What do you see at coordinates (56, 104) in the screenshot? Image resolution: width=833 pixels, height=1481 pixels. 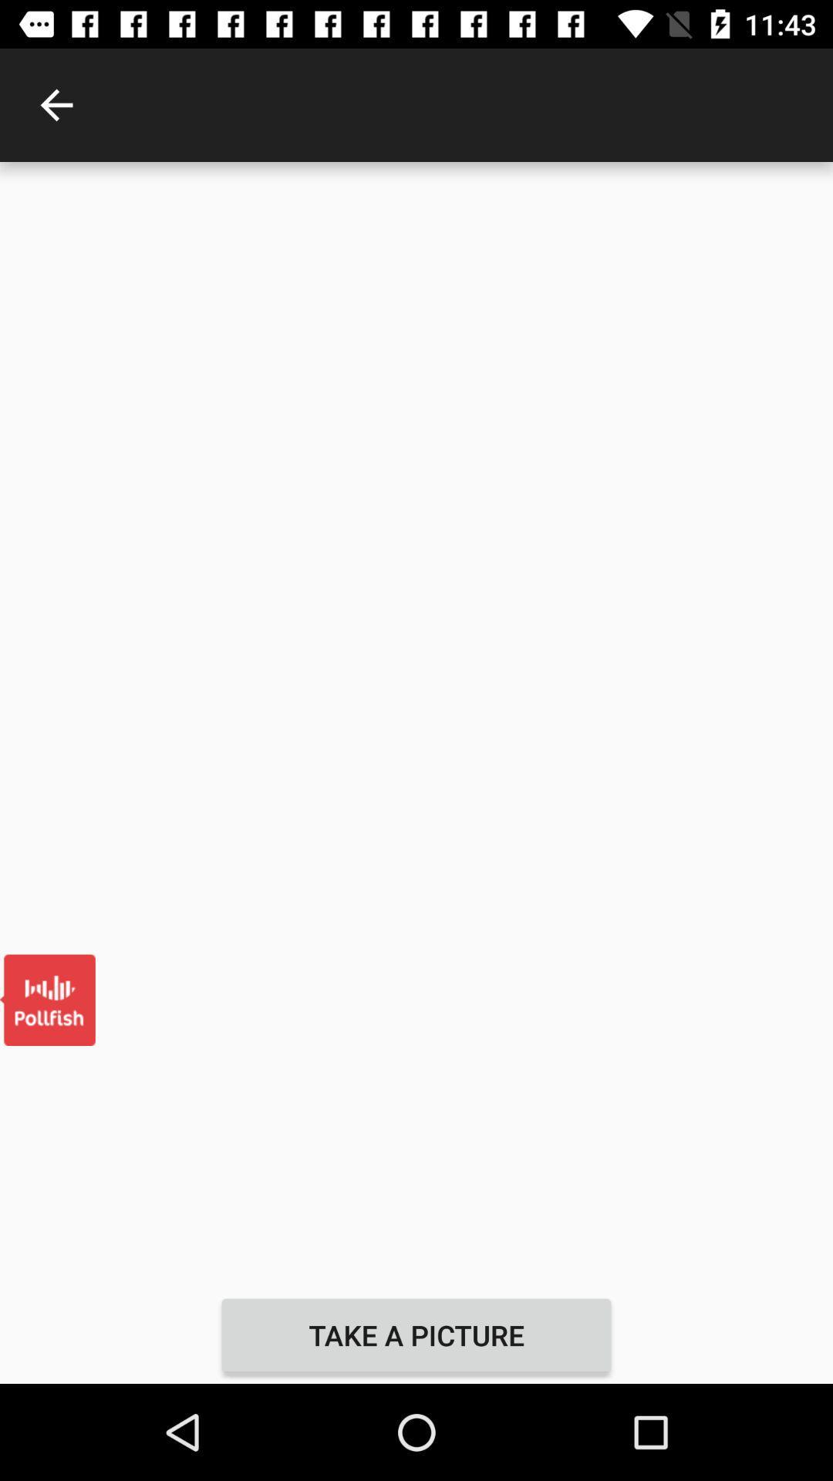 I see `the icon at the top left corner` at bounding box center [56, 104].